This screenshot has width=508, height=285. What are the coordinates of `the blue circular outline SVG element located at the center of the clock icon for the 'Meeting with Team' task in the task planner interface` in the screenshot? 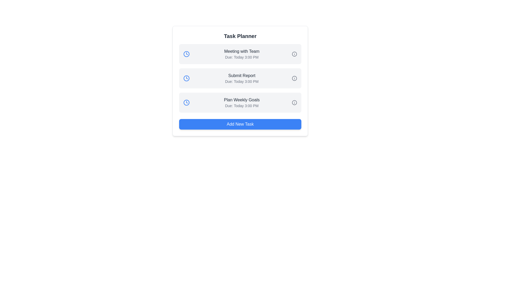 It's located at (187, 54).